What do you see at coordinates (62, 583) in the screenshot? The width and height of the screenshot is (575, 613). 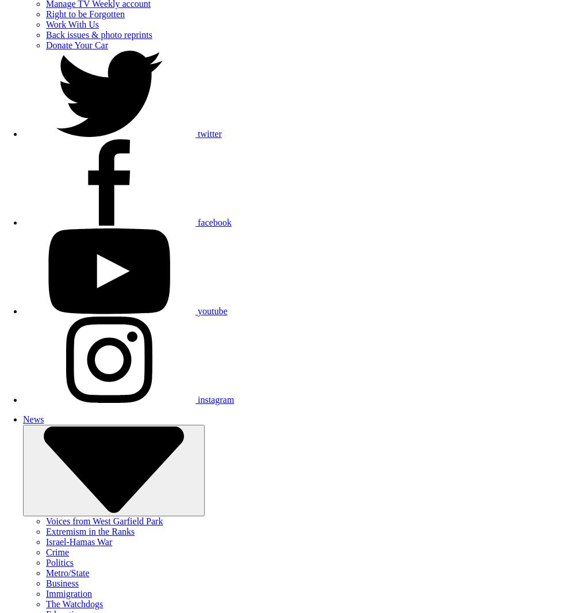 I see `'Business'` at bounding box center [62, 583].